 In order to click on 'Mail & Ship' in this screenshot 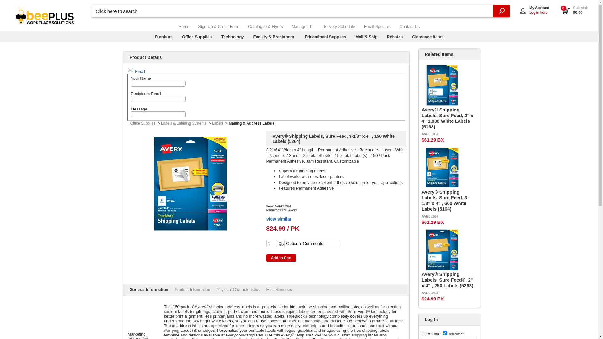, I will do `click(366, 37)`.